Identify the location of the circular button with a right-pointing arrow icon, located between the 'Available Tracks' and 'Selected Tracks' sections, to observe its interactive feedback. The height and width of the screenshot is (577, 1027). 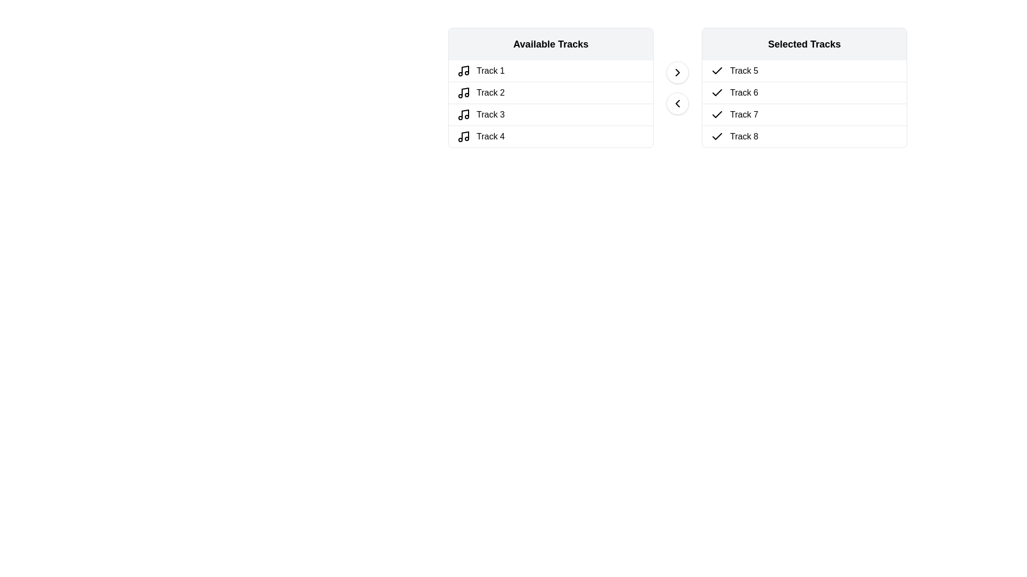
(677, 72).